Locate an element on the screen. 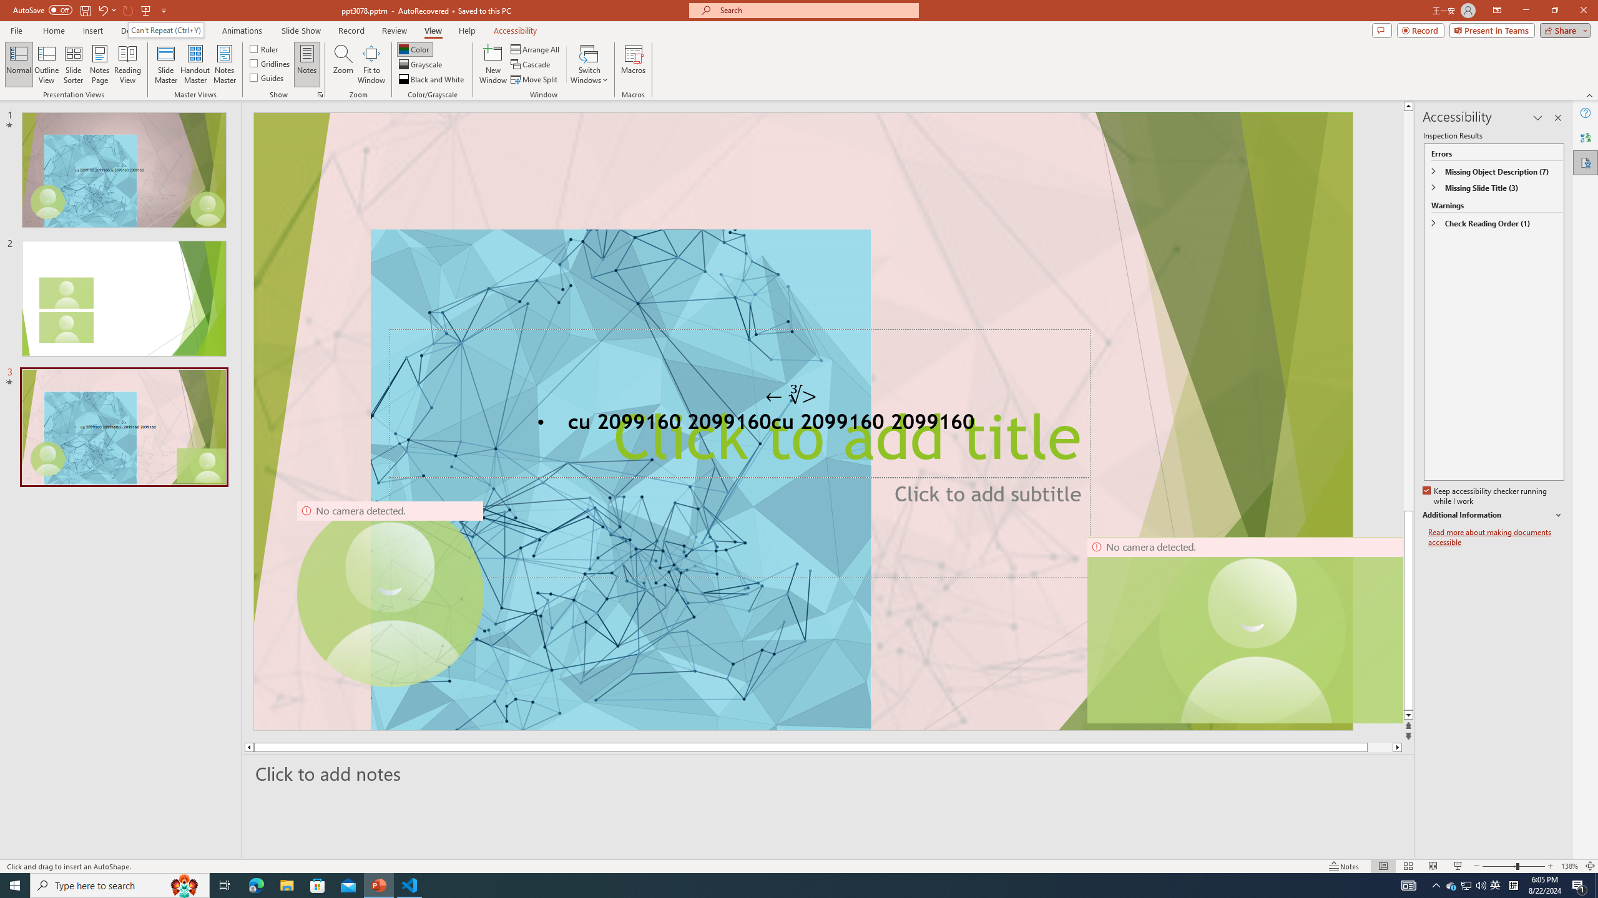  'Handout Master' is located at coordinates (194, 64).